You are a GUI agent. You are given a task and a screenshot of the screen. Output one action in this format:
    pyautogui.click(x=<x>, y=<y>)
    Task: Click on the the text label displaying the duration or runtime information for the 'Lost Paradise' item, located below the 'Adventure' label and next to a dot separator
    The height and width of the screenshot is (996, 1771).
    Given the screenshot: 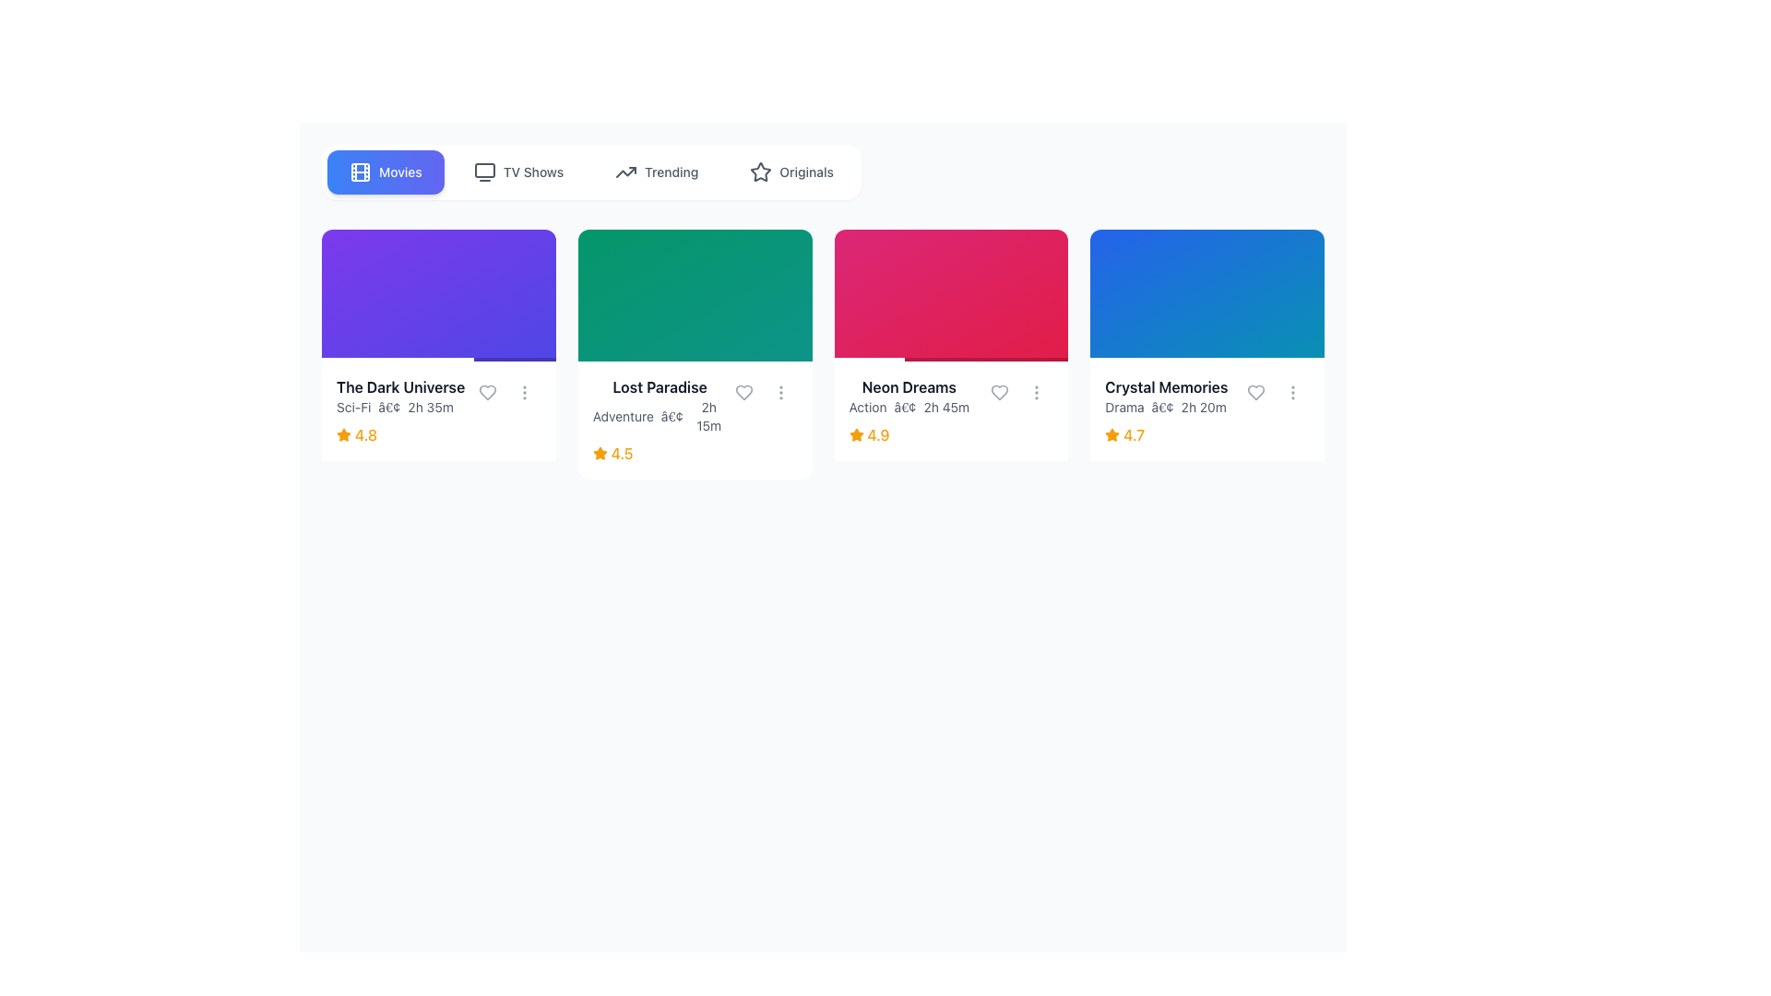 What is the action you would take?
    pyautogui.click(x=707, y=416)
    